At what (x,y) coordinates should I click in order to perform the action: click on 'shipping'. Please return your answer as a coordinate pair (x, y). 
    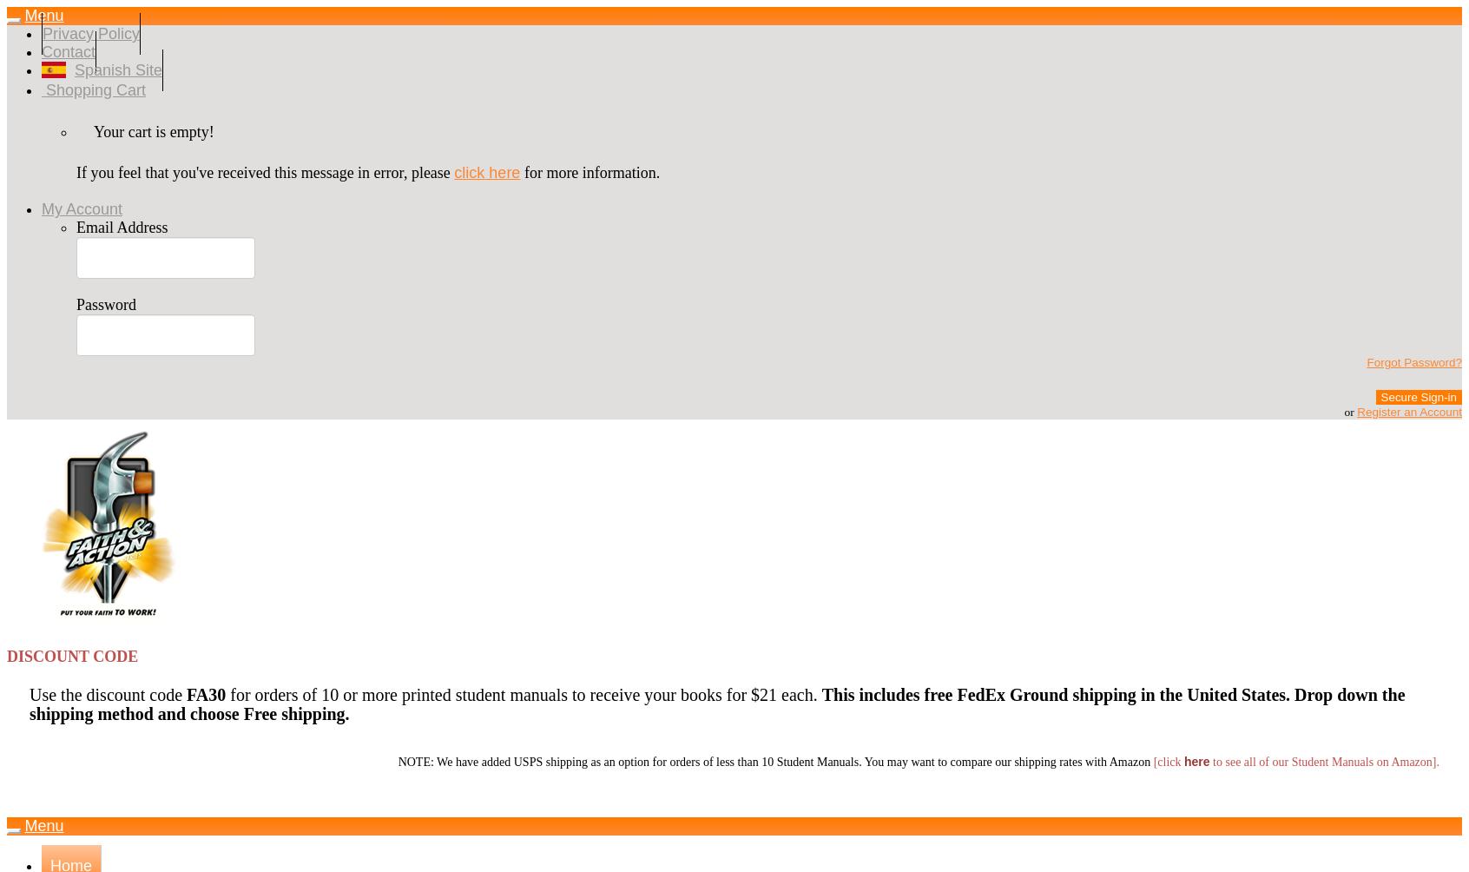
    Looking at the image, I should click on (1071, 694).